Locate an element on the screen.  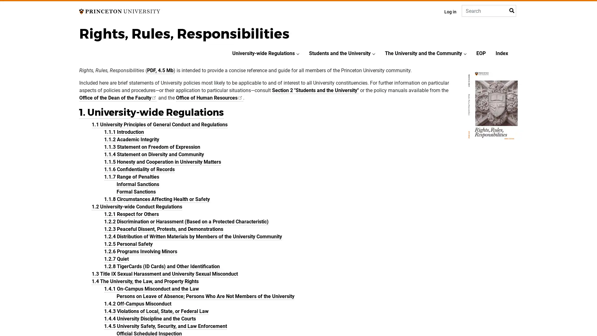
Students and the UniversitySubmenu is located at coordinates (373, 54).